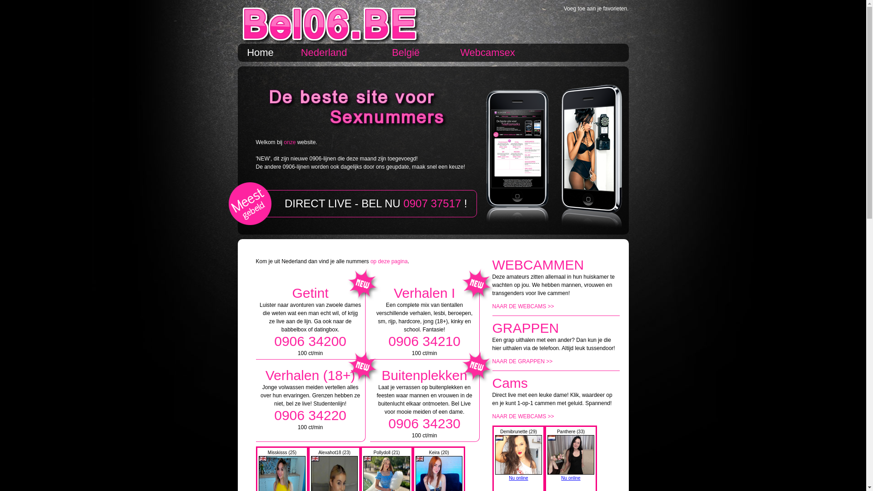 The height and width of the screenshot is (491, 873). Describe the element at coordinates (389, 261) in the screenshot. I see `'op deze pagina'` at that location.